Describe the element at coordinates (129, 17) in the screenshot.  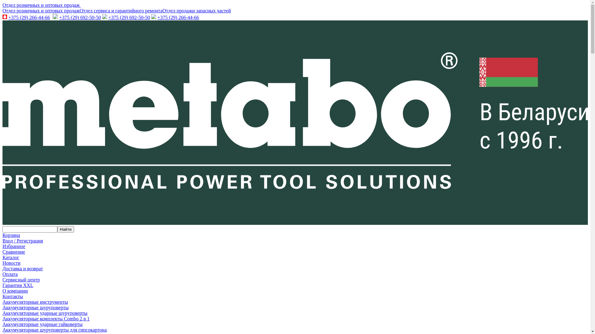
I see `'+375 (29) 692-50-50'` at that location.